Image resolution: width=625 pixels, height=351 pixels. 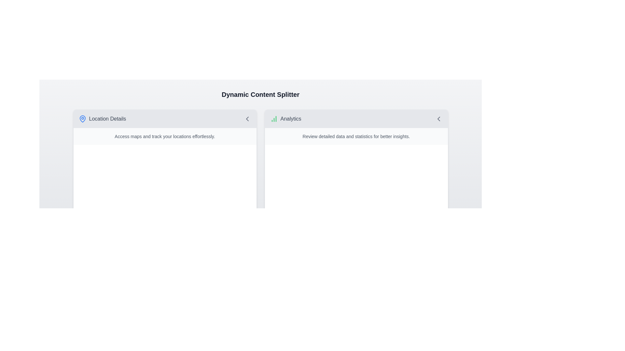 What do you see at coordinates (165, 136) in the screenshot?
I see `the text label containing the phrase 'Access maps and track your locations effortlessly.' which is styled with a smaller gray font and located beneath the 'Location Details' header` at bounding box center [165, 136].